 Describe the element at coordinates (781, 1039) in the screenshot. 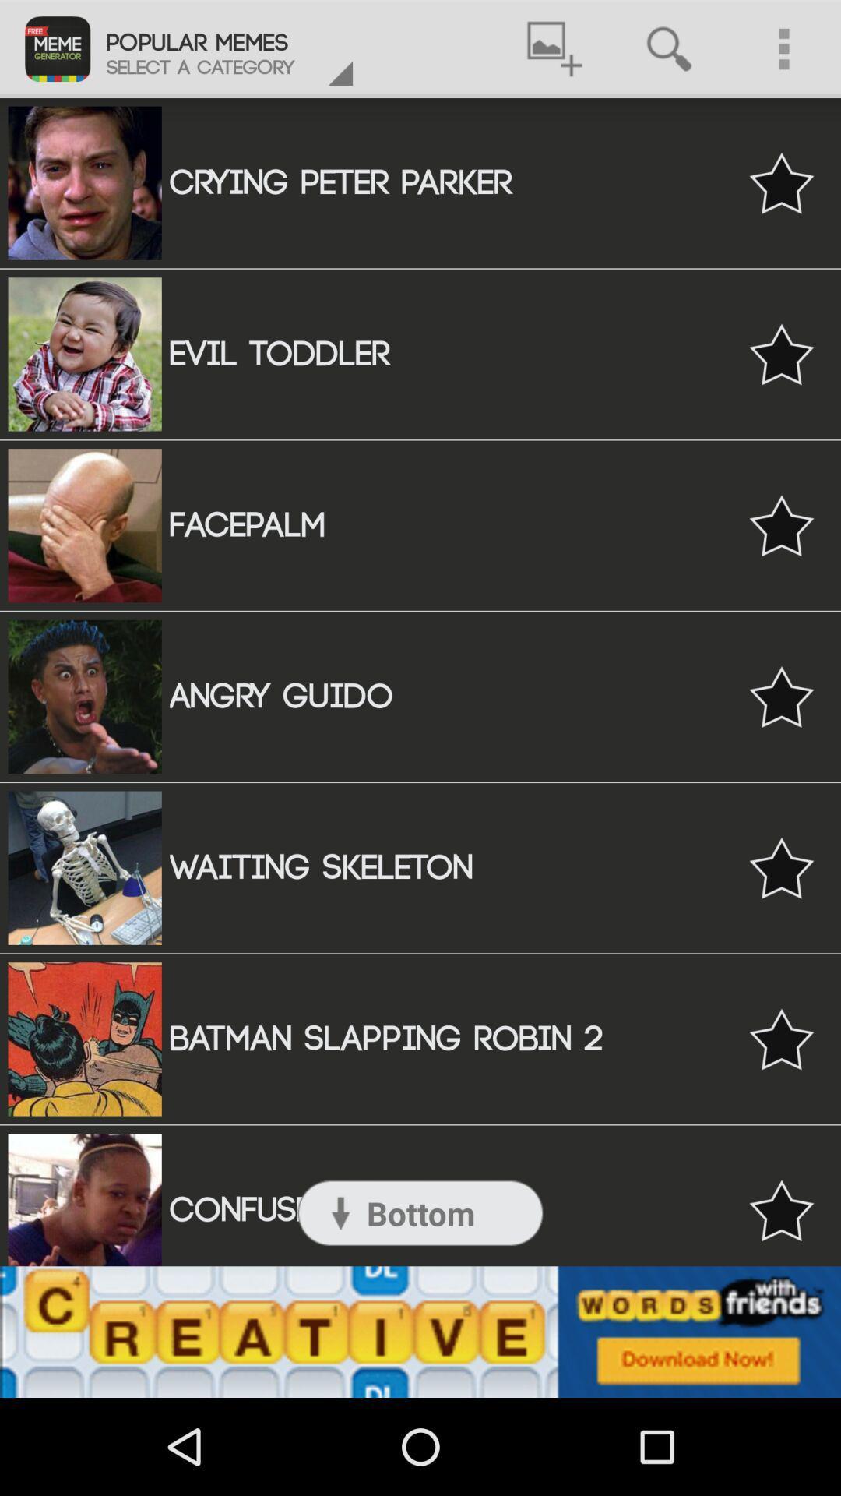

I see `star save to favorites` at that location.